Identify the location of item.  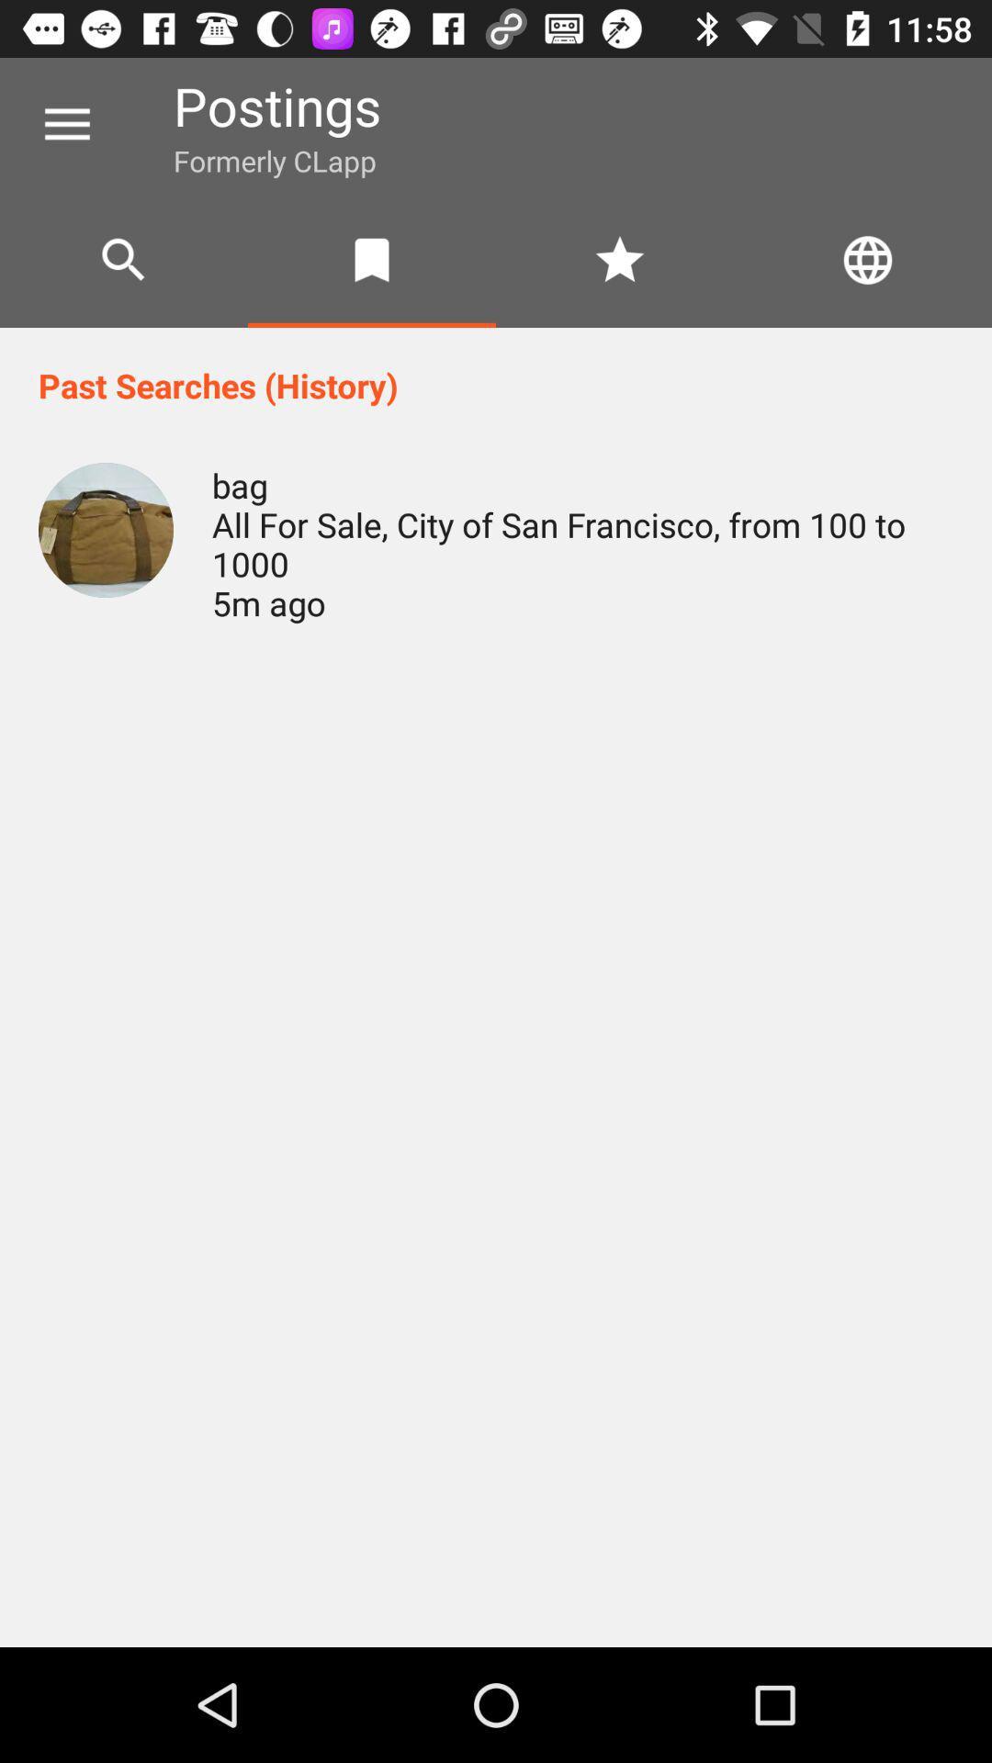
(106, 529).